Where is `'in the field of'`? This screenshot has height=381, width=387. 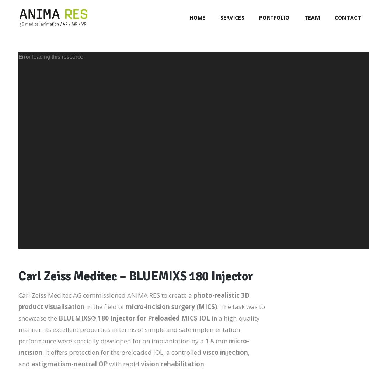
'in the field of' is located at coordinates (105, 306).